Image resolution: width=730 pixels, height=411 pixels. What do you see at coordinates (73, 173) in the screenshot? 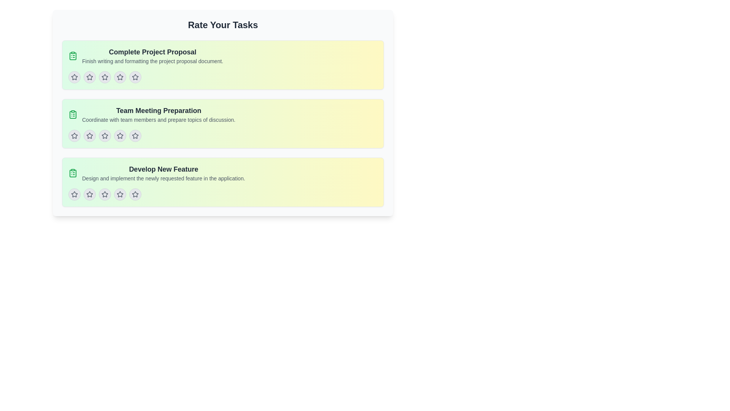
I see `the icon that visually indicates the task 'Develop New Feature', positioned in the third task group under the header 'Rate Your Tasks', as the first element in the row` at bounding box center [73, 173].